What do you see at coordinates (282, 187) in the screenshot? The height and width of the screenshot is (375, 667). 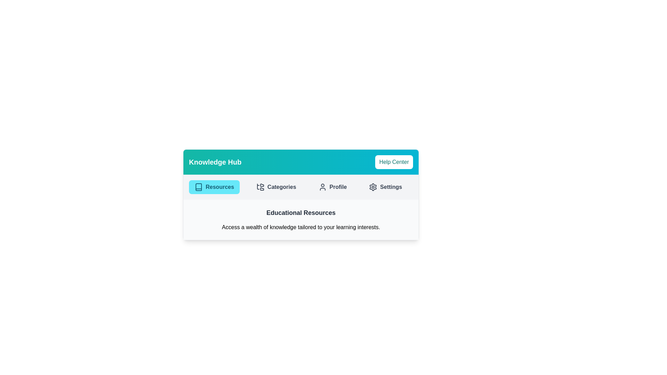 I see `the third text label` at bounding box center [282, 187].